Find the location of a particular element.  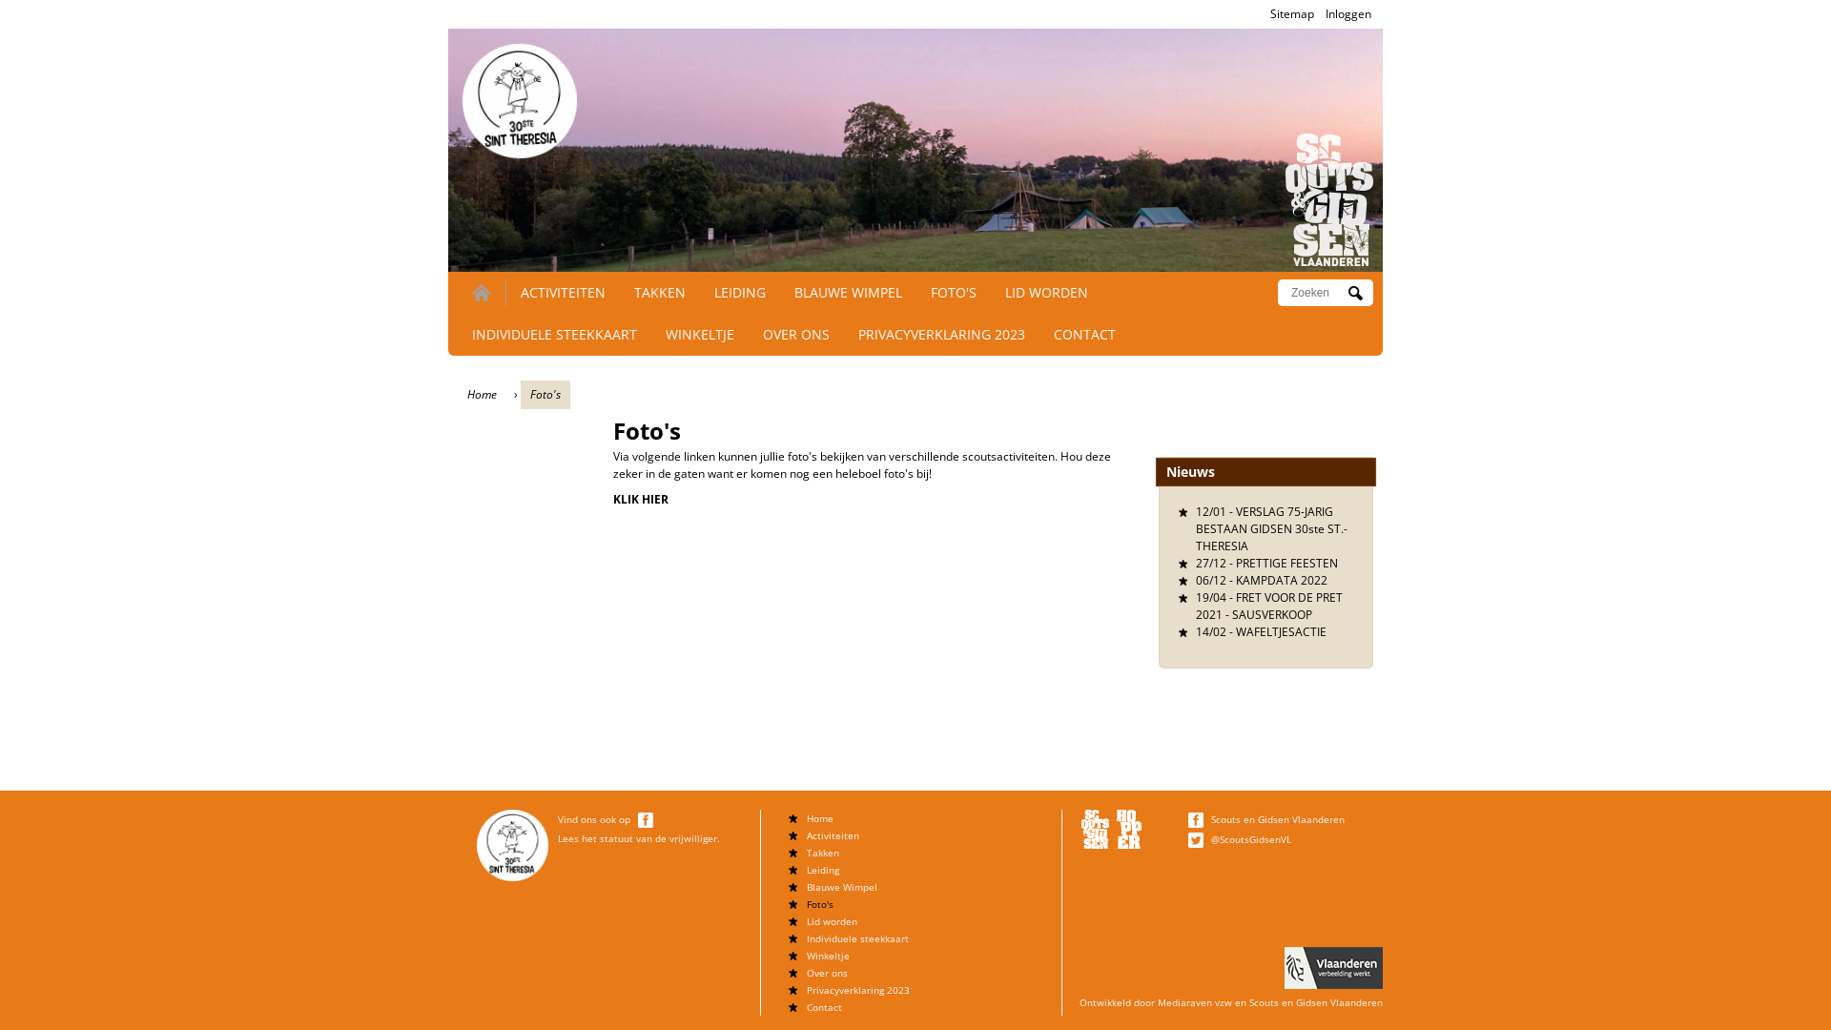

'Inloggen' is located at coordinates (1348, 13).